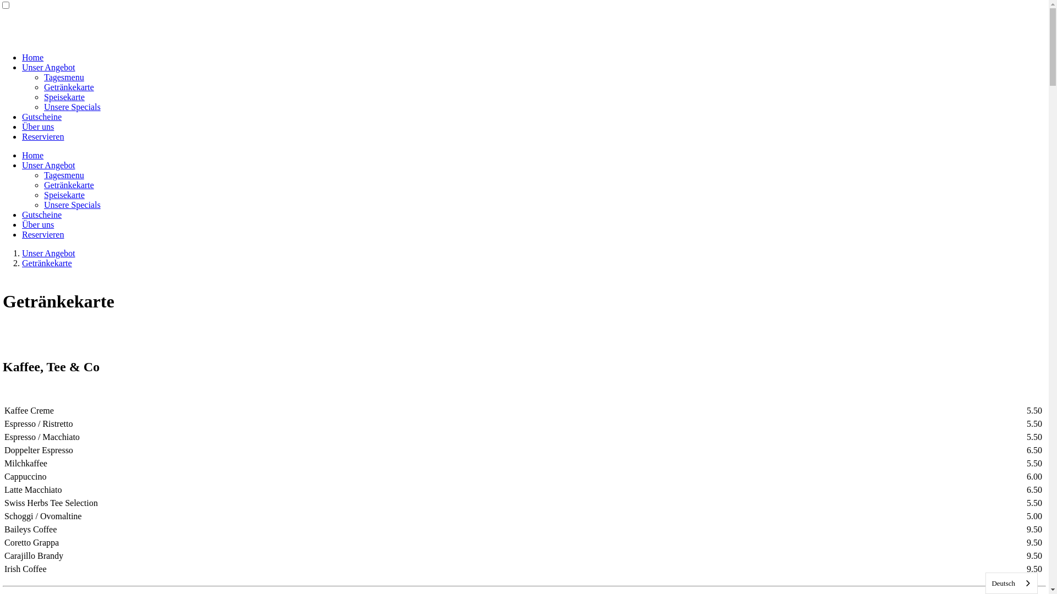 This screenshot has width=1057, height=594. I want to click on 'Deutsch', so click(1011, 582).